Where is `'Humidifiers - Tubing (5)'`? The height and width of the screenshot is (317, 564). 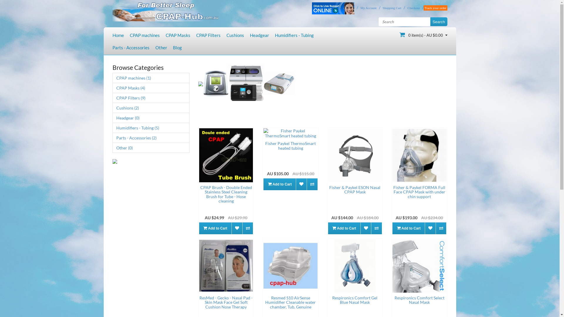 'Humidifiers - Tubing (5)' is located at coordinates (151, 127).